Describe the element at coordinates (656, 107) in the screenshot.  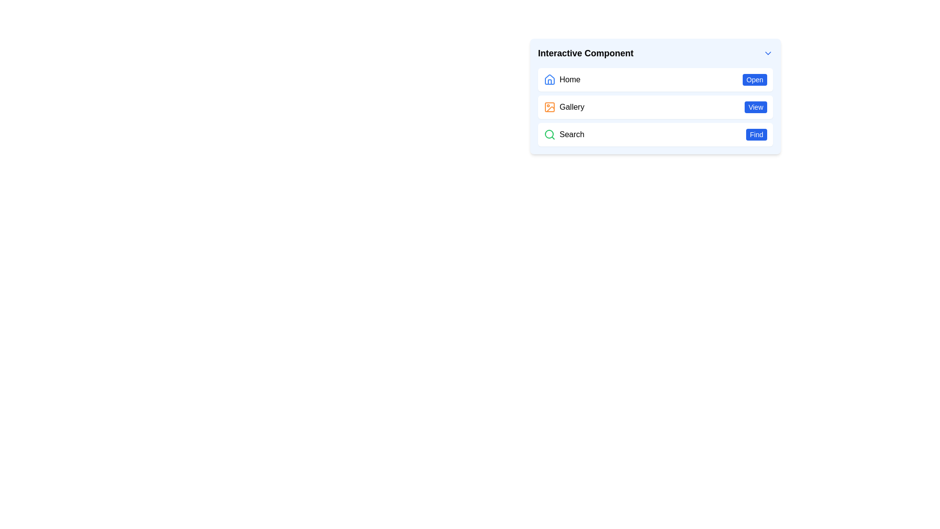
I see `the 'View' button in the second row of the interactive component` at that location.